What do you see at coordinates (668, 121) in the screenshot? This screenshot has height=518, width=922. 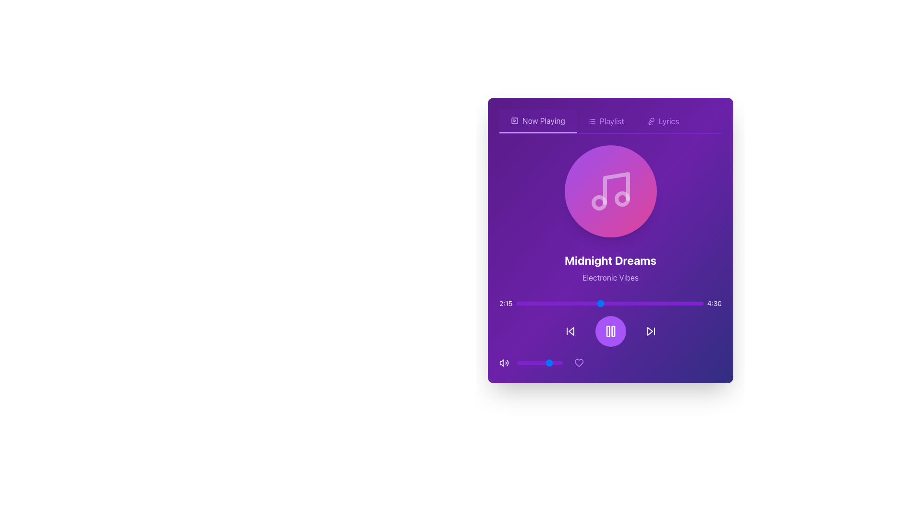 I see `the 'Lyrics' text label located at the top-right corner of the interactive panel` at bounding box center [668, 121].